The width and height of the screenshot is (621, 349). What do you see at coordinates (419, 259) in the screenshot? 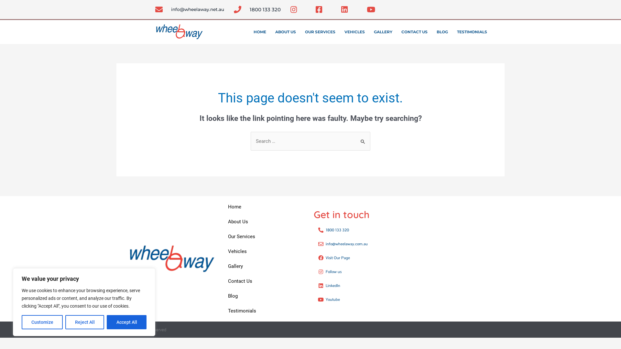
I see `'7 Jordon Court, Boronia, VIC'` at bounding box center [419, 259].